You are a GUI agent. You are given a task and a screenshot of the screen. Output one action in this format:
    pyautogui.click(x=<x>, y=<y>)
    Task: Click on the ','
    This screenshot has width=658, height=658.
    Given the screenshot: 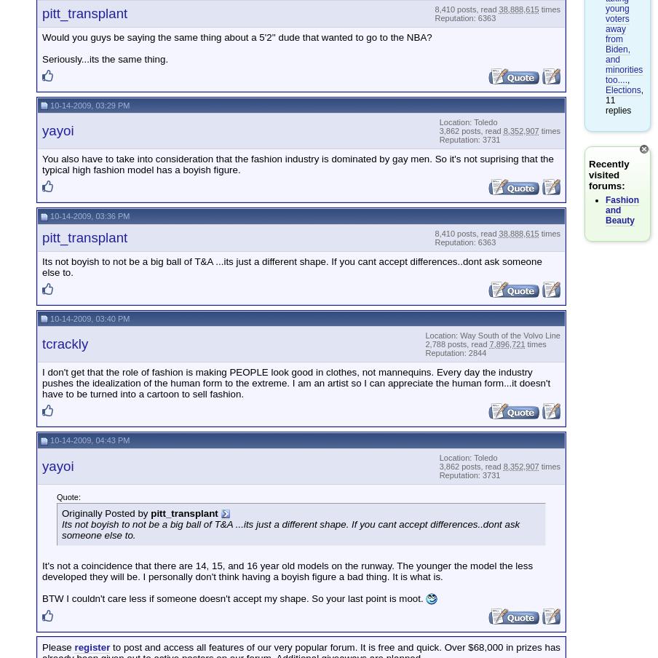 What is the action you would take?
    pyautogui.click(x=628, y=79)
    